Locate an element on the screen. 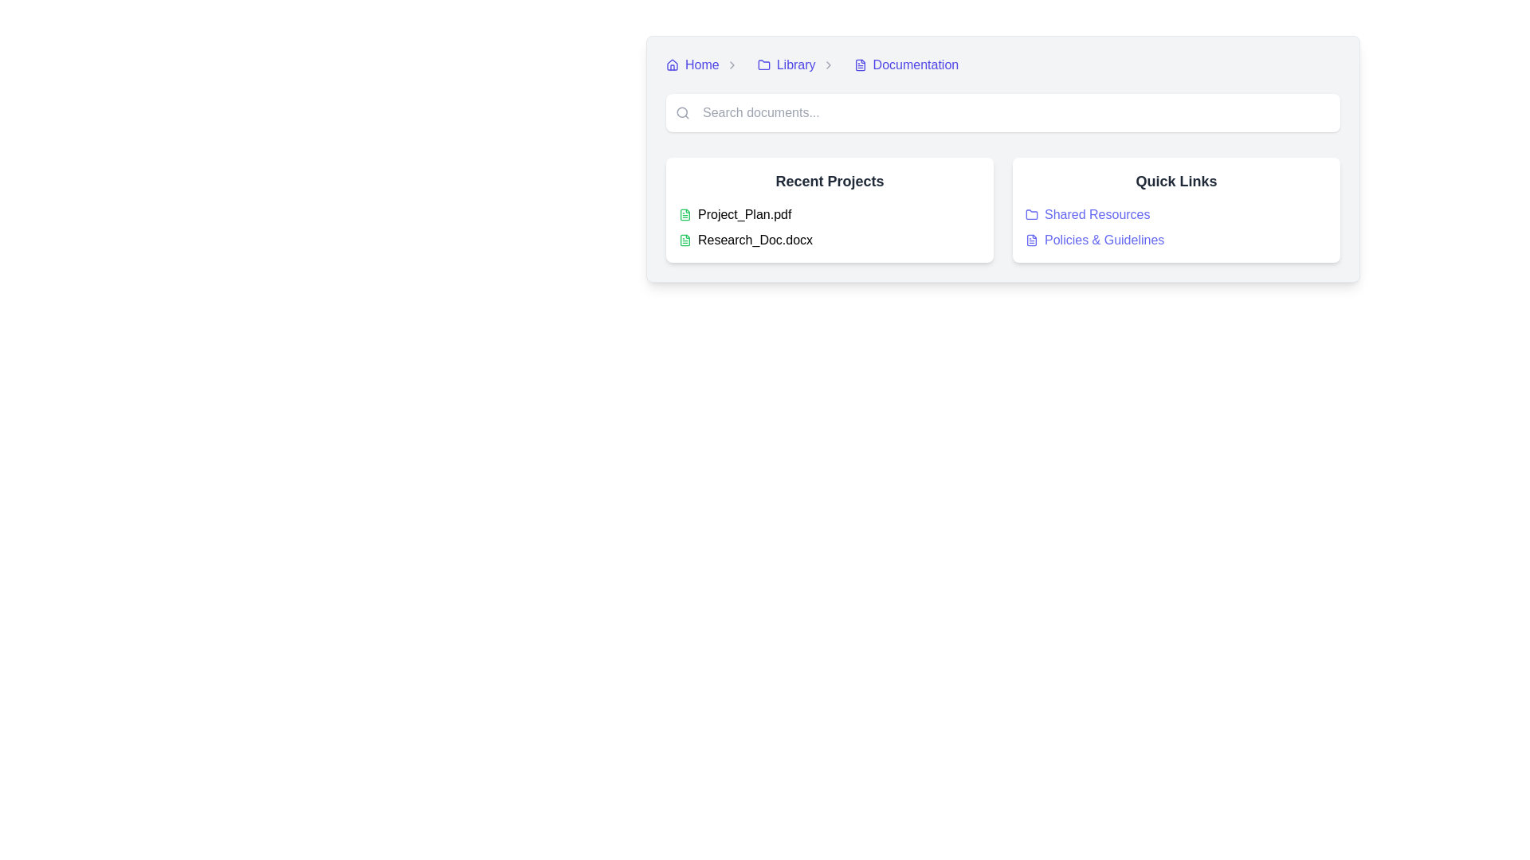  the SVG graphic icon indicating 'Policies & Guidelines' in the Quick Links section is located at coordinates (1032, 240).